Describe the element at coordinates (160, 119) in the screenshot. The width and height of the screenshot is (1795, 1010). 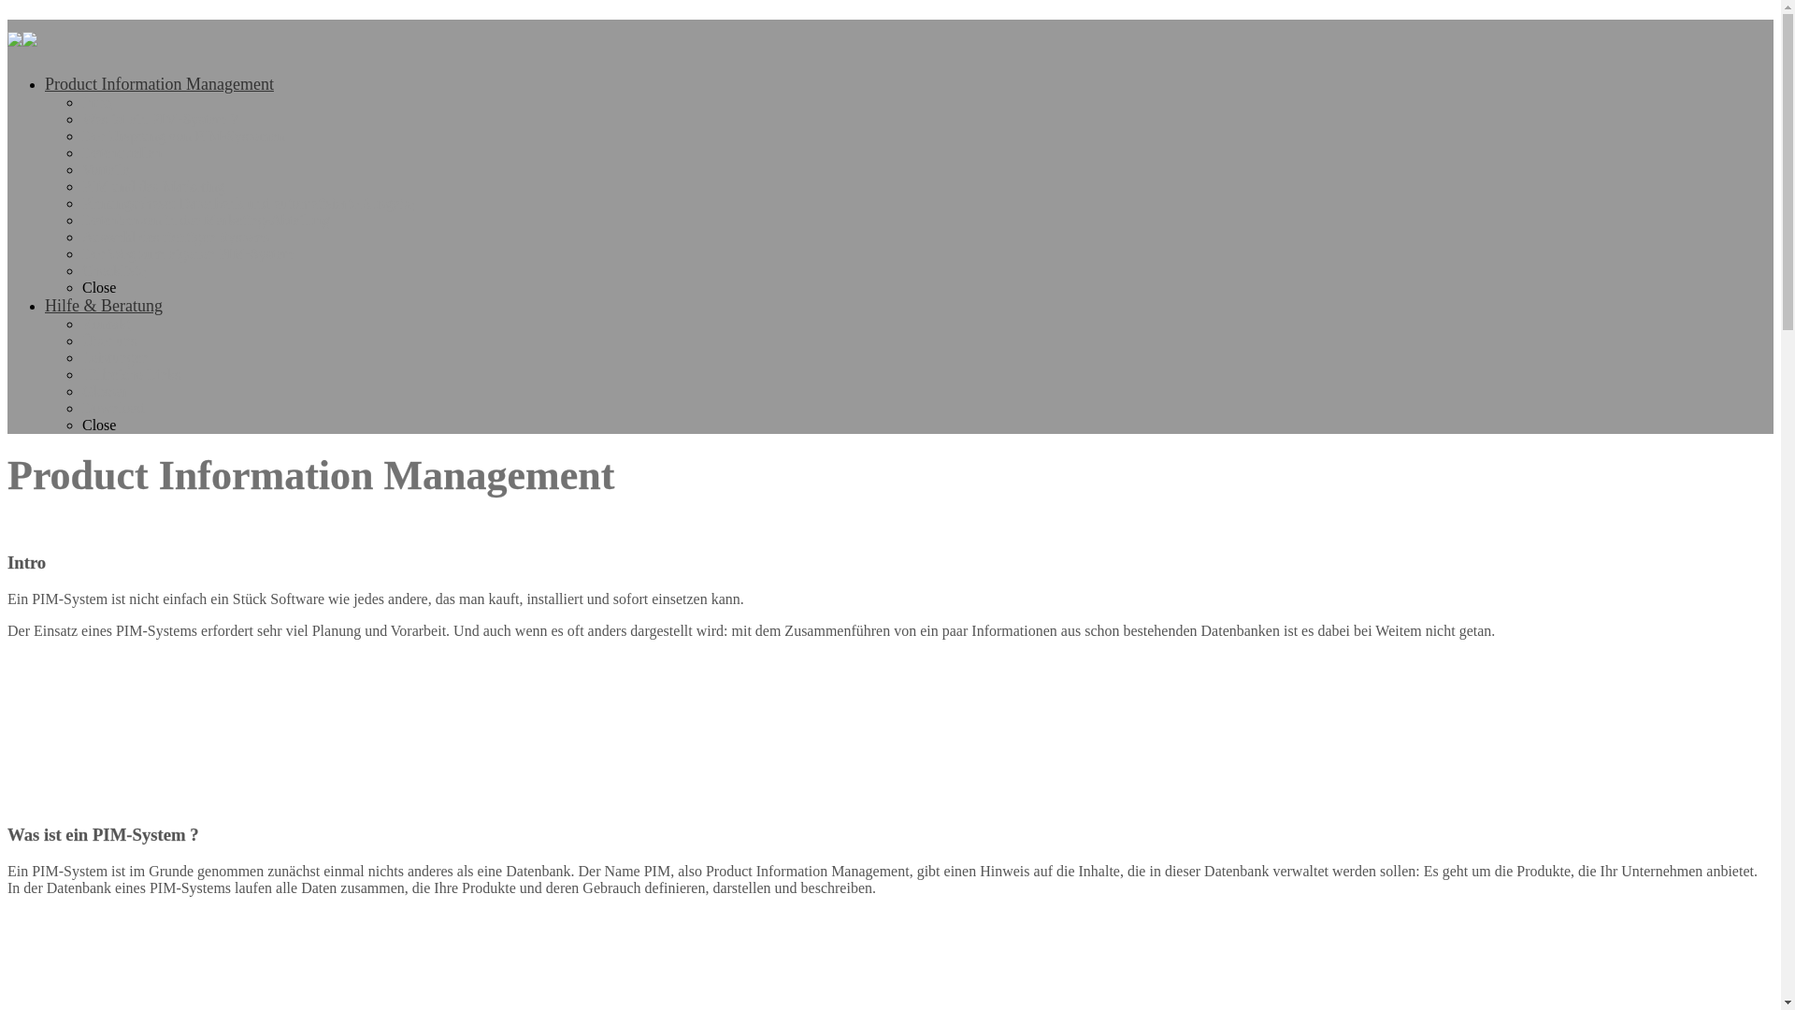
I see `'Was ist ein PIM-System ?'` at that location.